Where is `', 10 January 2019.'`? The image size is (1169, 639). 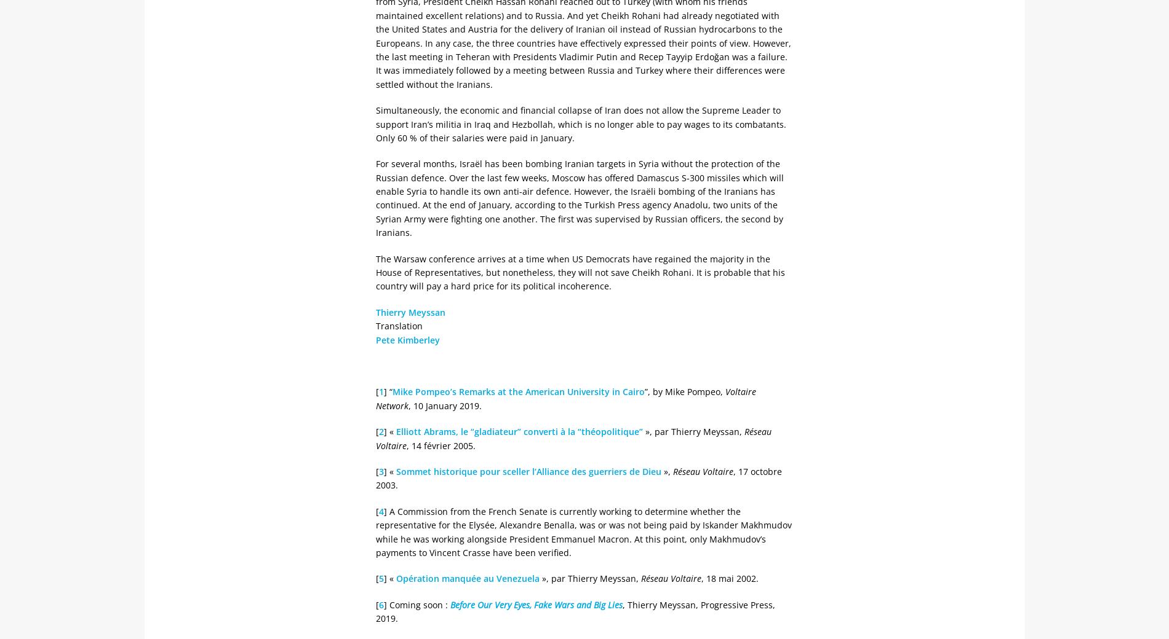 ', 10 January 2019.' is located at coordinates (444, 405).